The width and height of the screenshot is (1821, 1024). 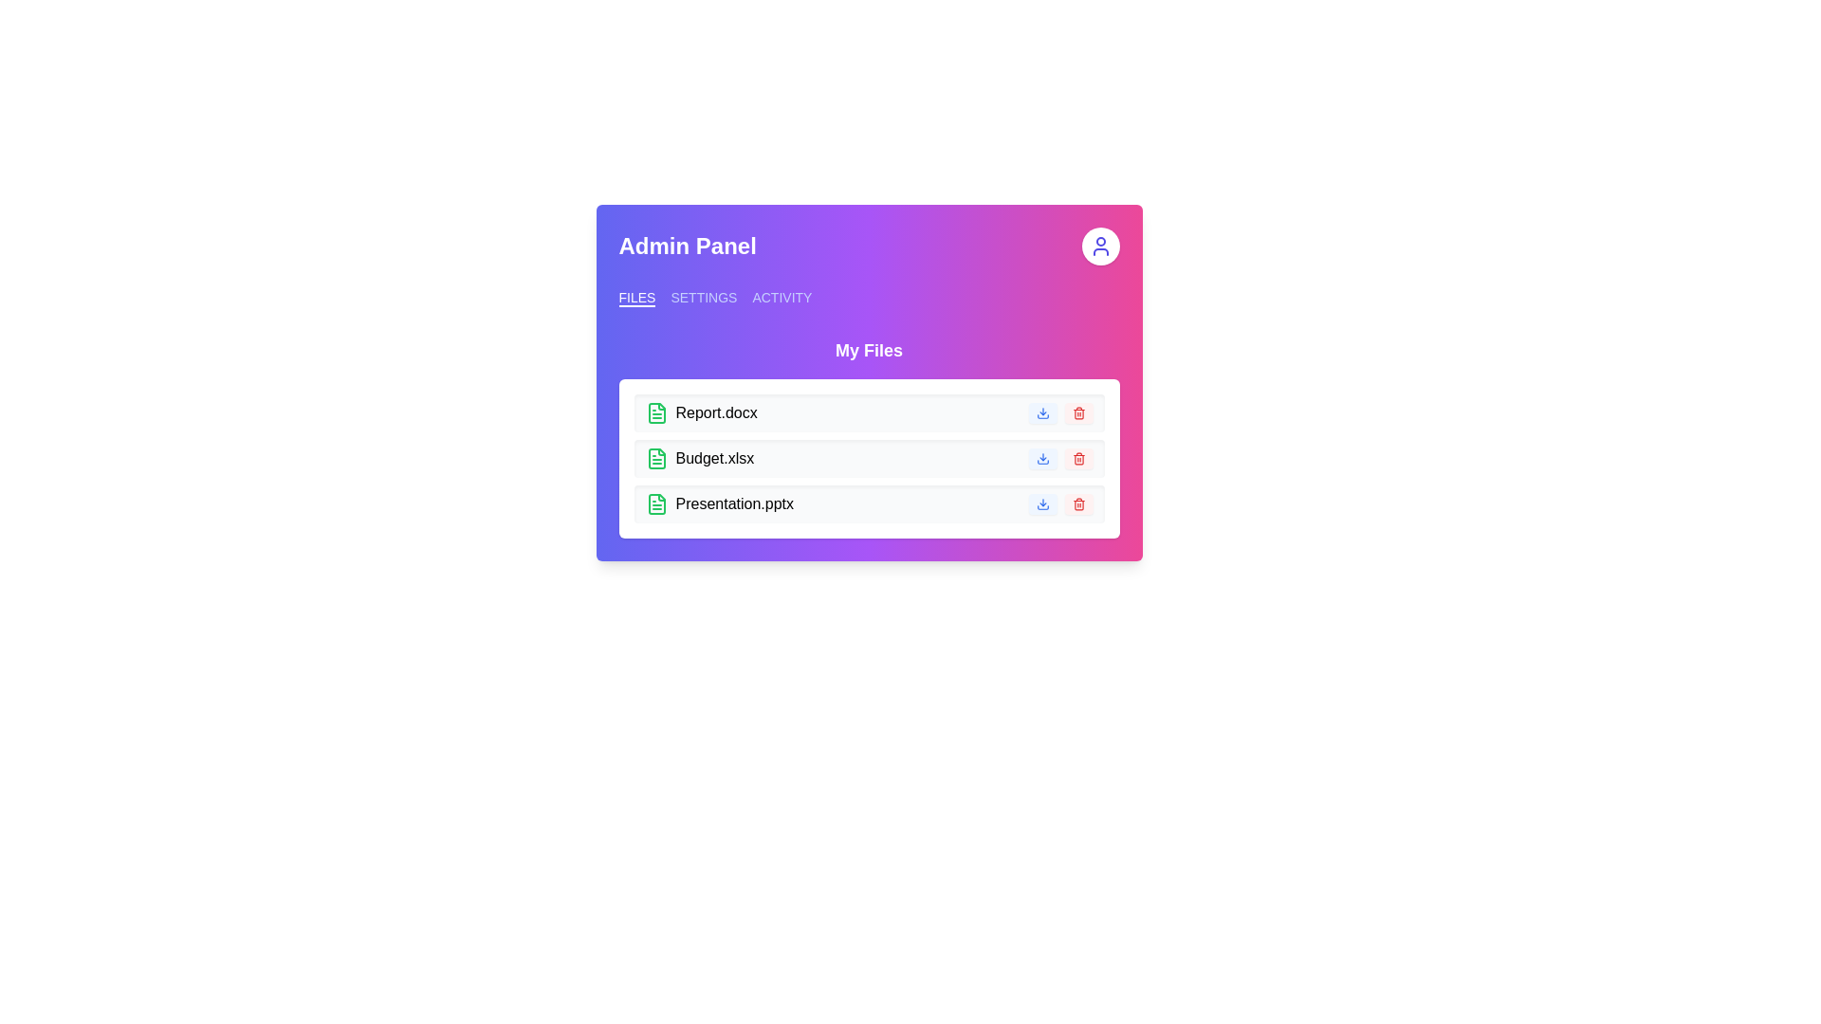 What do you see at coordinates (700, 411) in the screenshot?
I see `the Text Label with an accompanying Icon that represents a document file in the 'My Files' panel` at bounding box center [700, 411].